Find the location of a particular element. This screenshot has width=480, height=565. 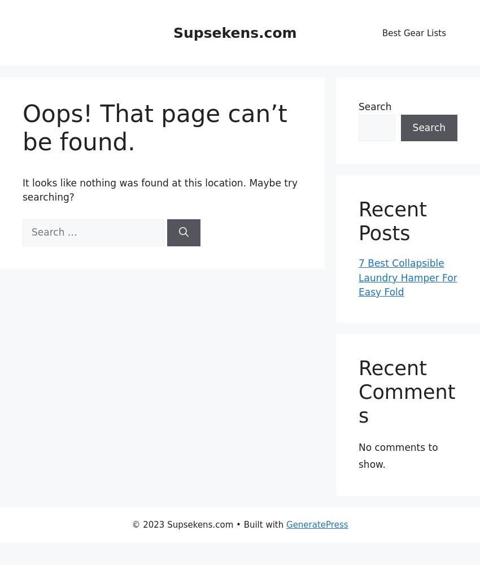

'GeneratePress' is located at coordinates (317, 524).